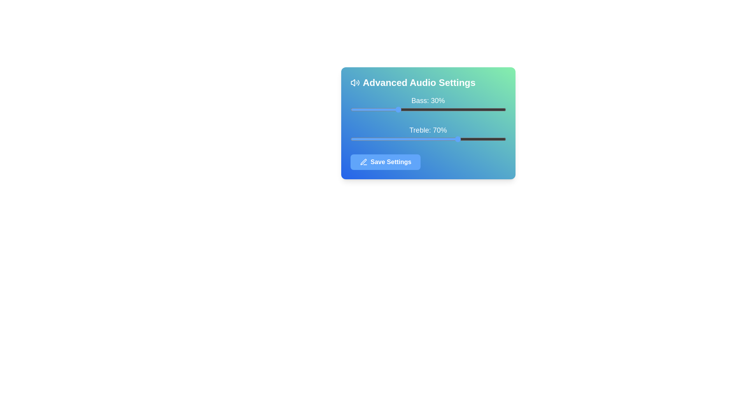 The width and height of the screenshot is (747, 420). Describe the element at coordinates (500, 139) in the screenshot. I see `the treble slider to 96%` at that location.